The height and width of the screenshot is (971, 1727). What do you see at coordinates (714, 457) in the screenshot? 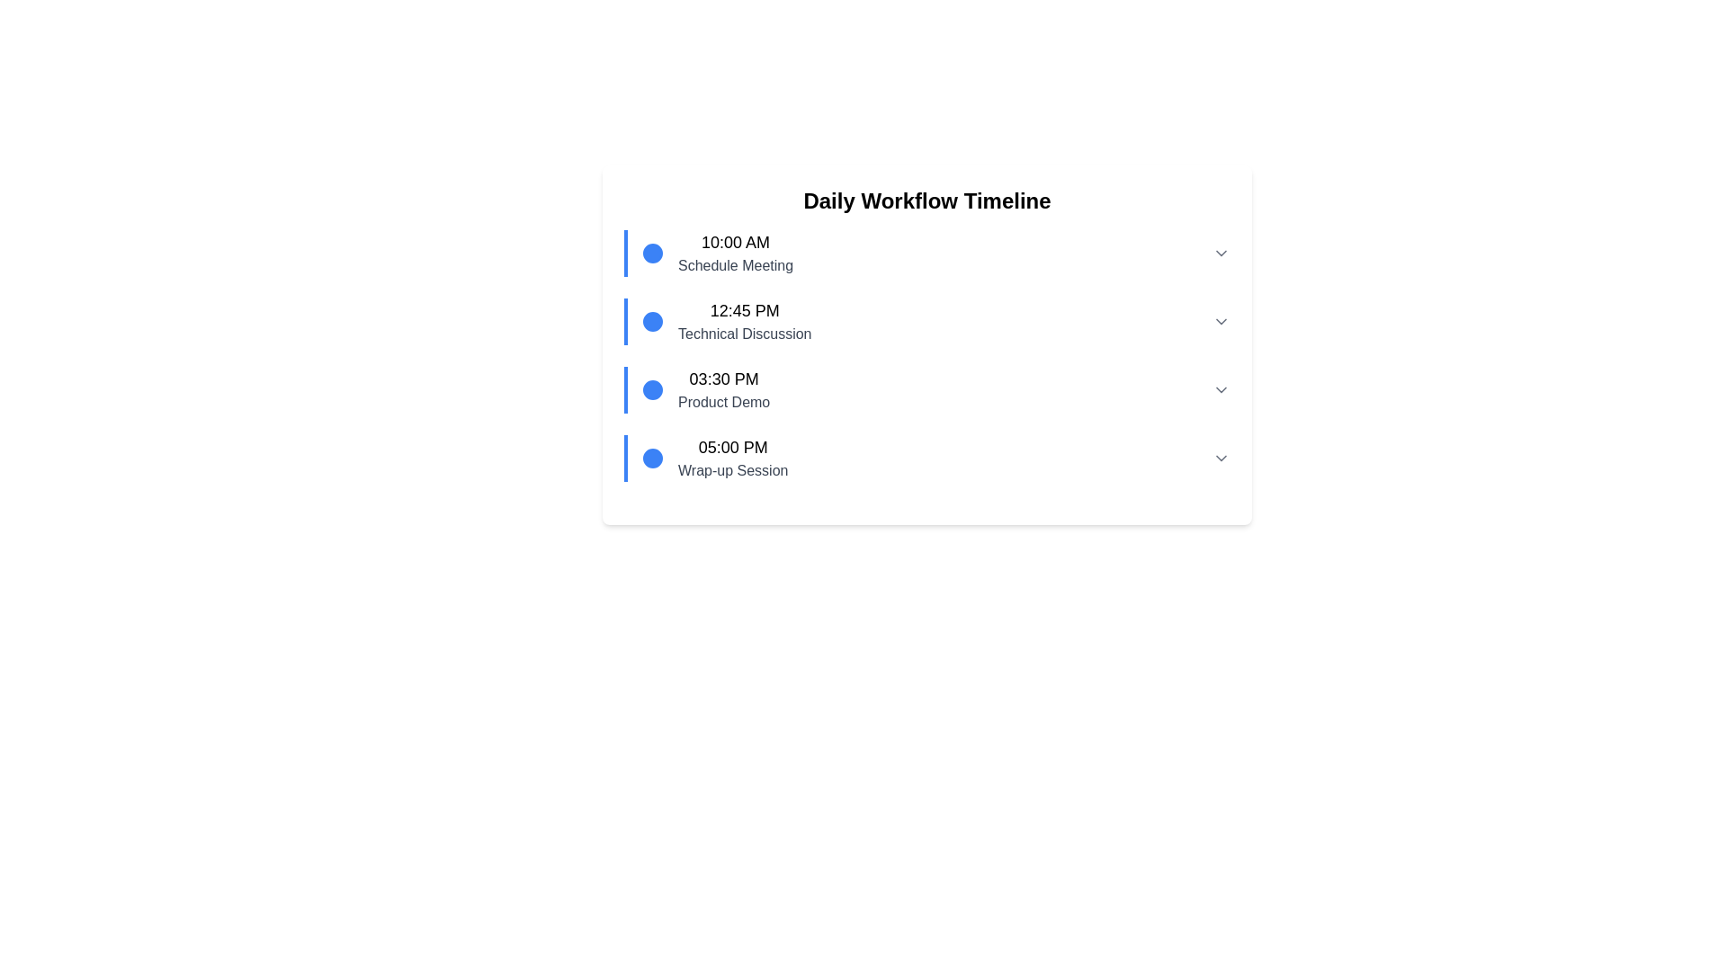
I see `details of the Timeline Event Entry labeled 'Wrap-up Session' with timestamp '05:00 PM', the fourth entry in the vertical list of timeline events` at bounding box center [714, 457].